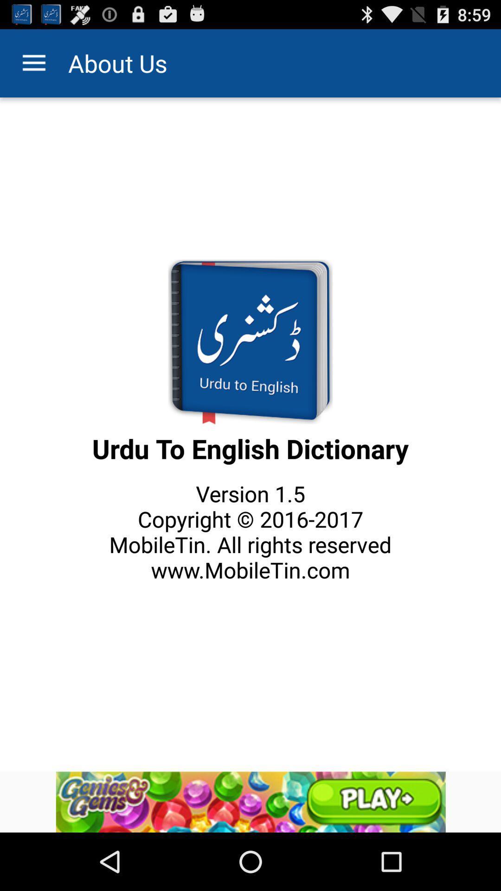 The height and width of the screenshot is (891, 501). Describe the element at coordinates (250, 801) in the screenshot. I see `advertisement banner` at that location.